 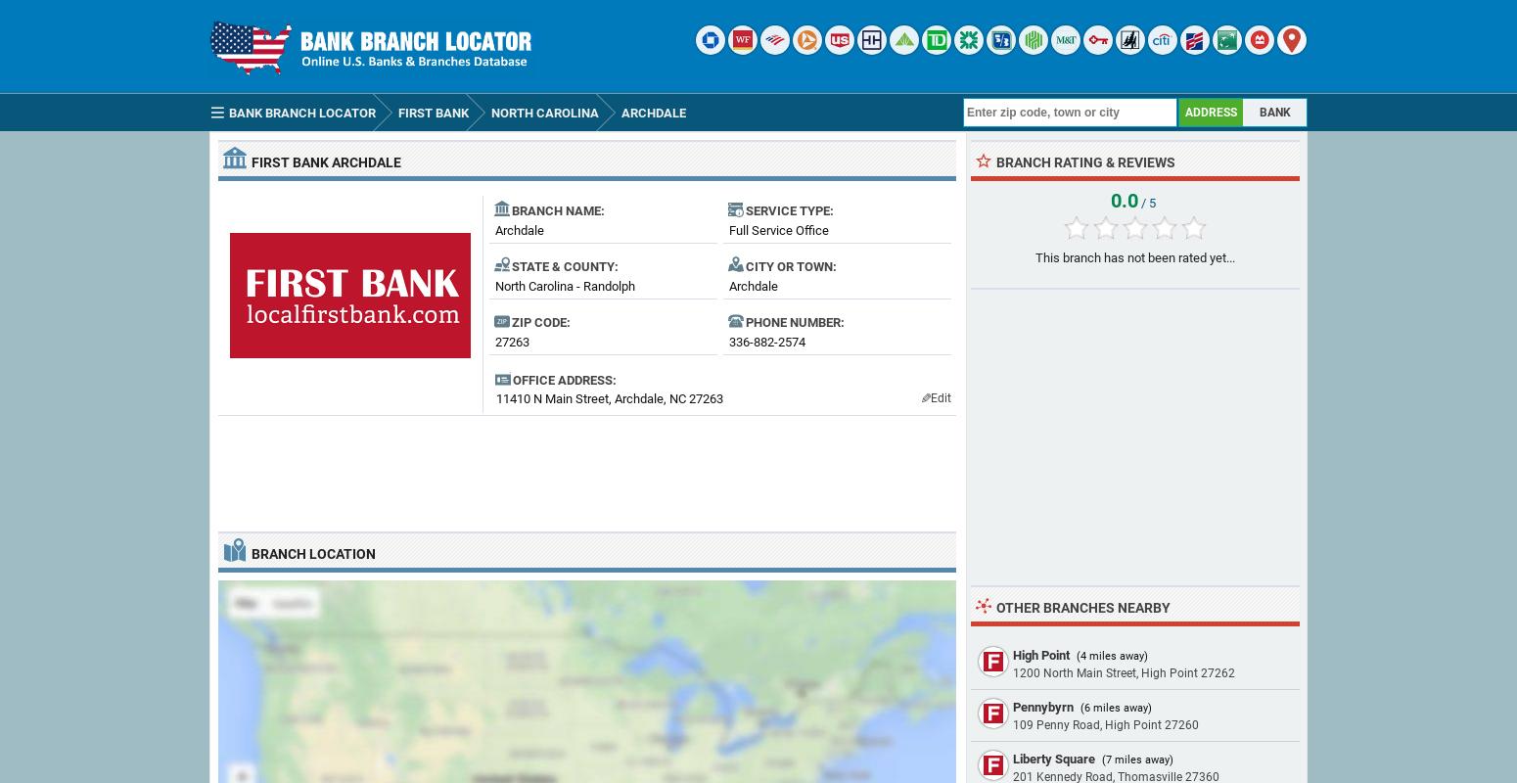 What do you see at coordinates (1134, 256) in the screenshot?
I see `'This branch has not been rated yet...'` at bounding box center [1134, 256].